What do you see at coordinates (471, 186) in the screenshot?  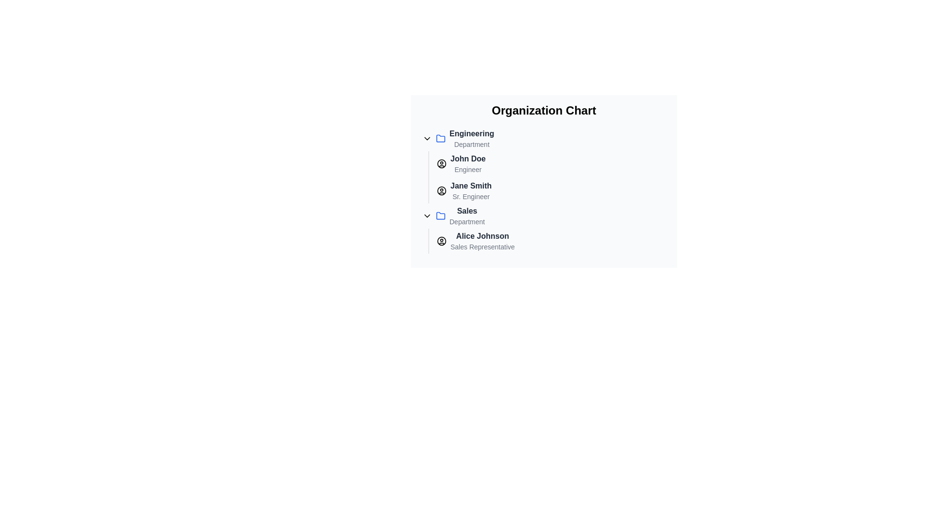 I see `the text label identifying 'Jane Smith', which is positioned above 'Sr. Engineer' in the organizational chart of the Engineering department` at bounding box center [471, 186].